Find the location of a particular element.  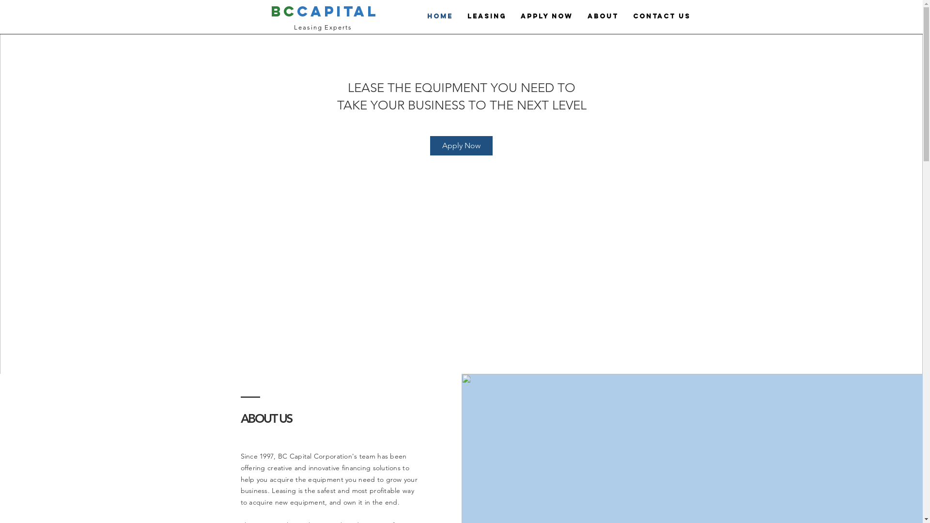

'About' is located at coordinates (602, 16).